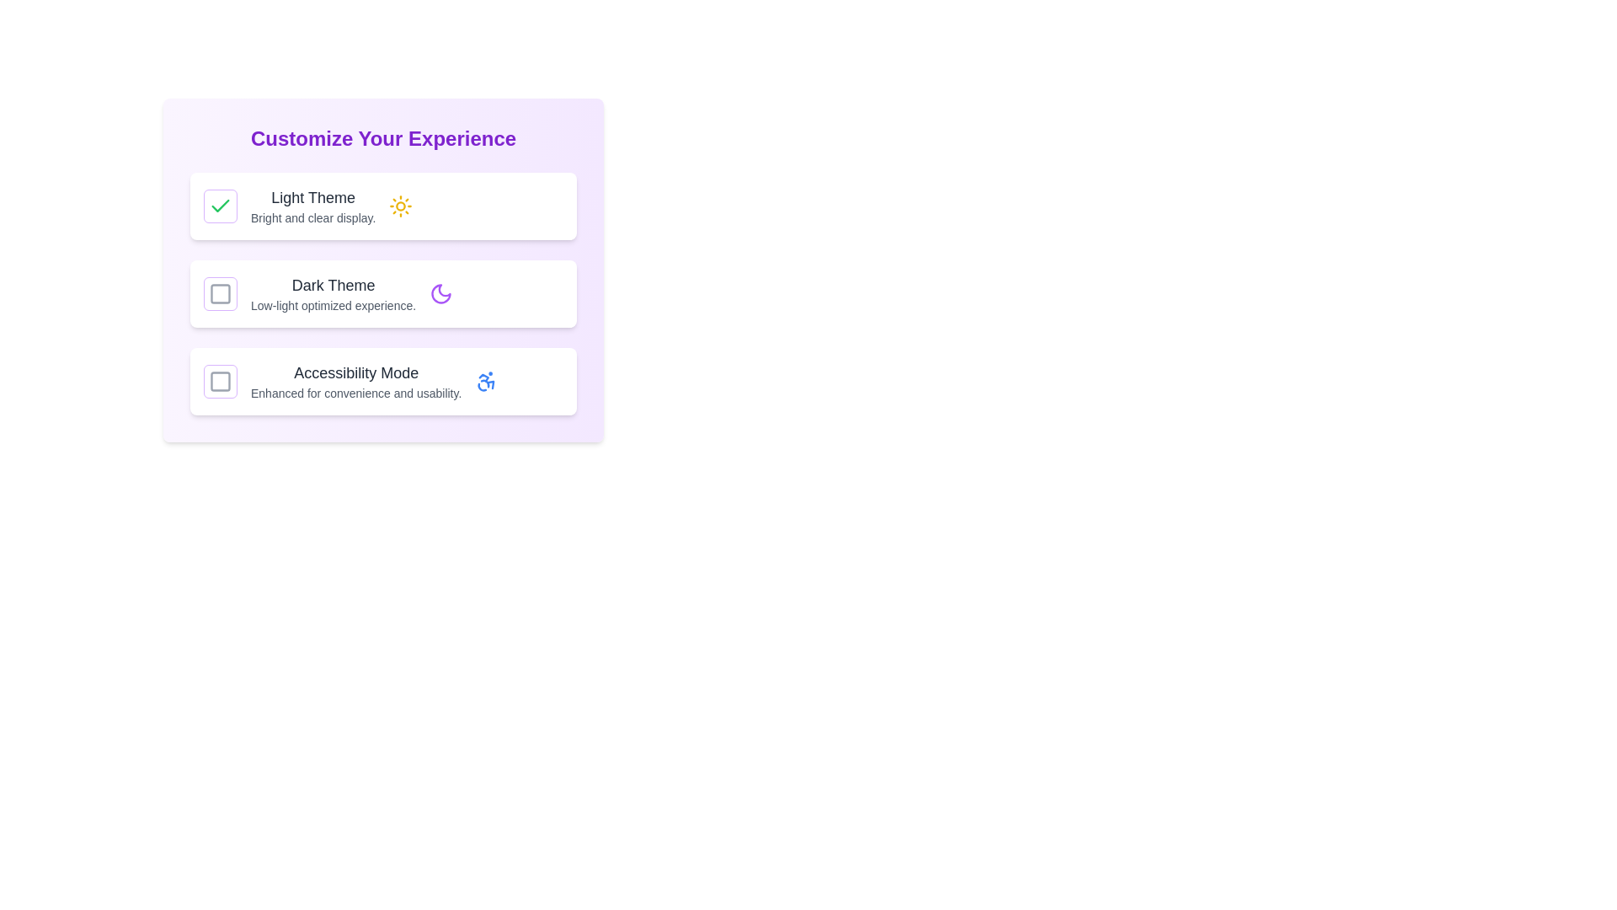 This screenshot has height=910, width=1617. Describe the element at coordinates (313, 197) in the screenshot. I see `the 'Light Theme' text label, which is a large, bold heading indicating the first option in the theme selection list` at that location.